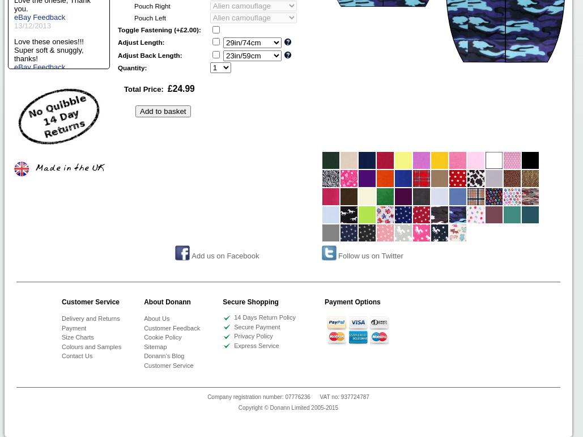 This screenshot has height=437, width=583. Describe the element at coordinates (167, 301) in the screenshot. I see `'About Donann'` at that location.